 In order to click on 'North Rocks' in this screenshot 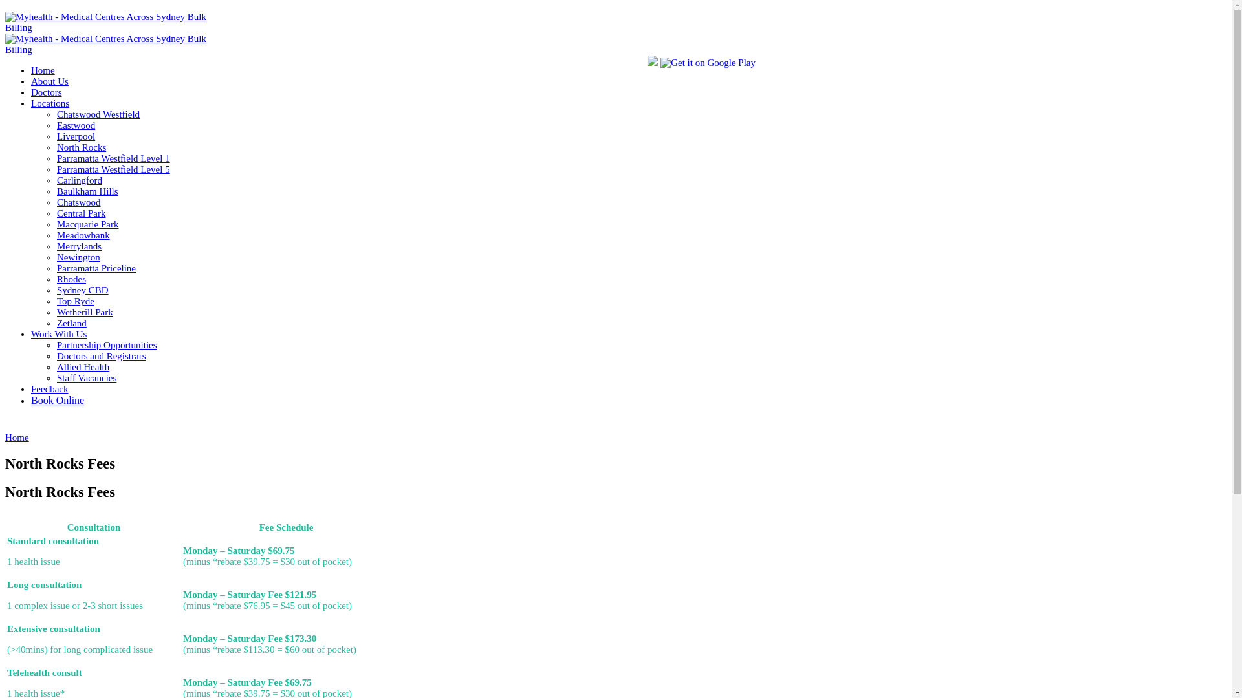, I will do `click(80, 146)`.